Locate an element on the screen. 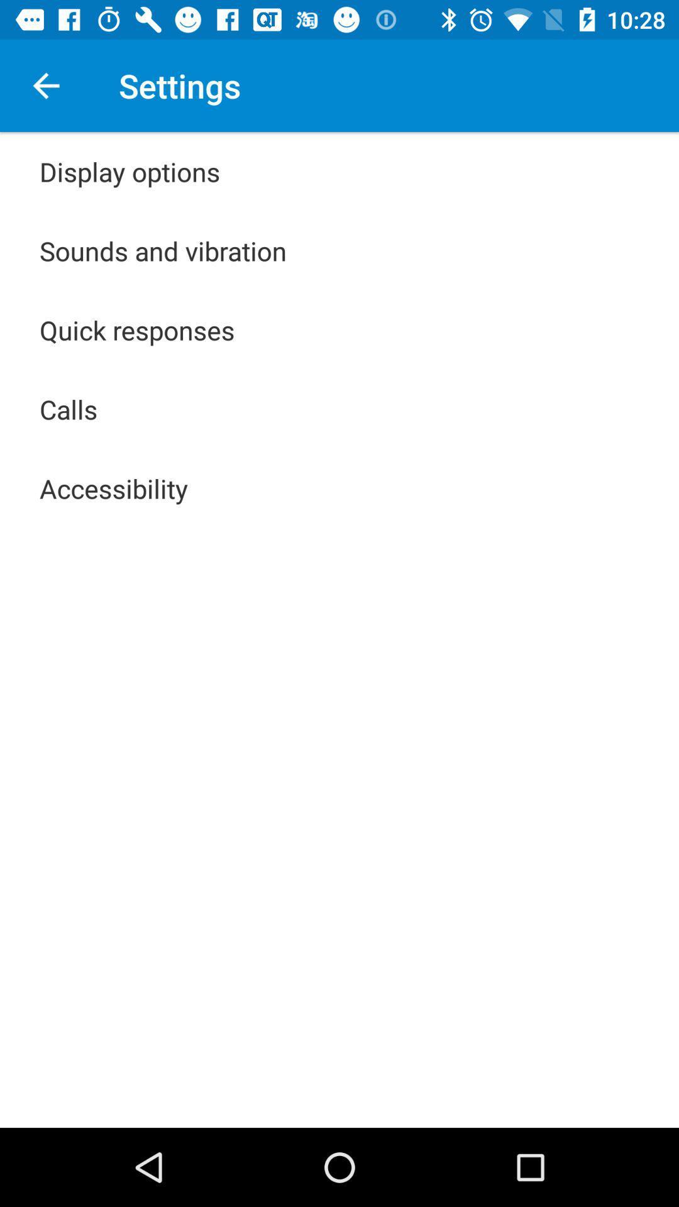  the accessibility is located at coordinates (114, 488).